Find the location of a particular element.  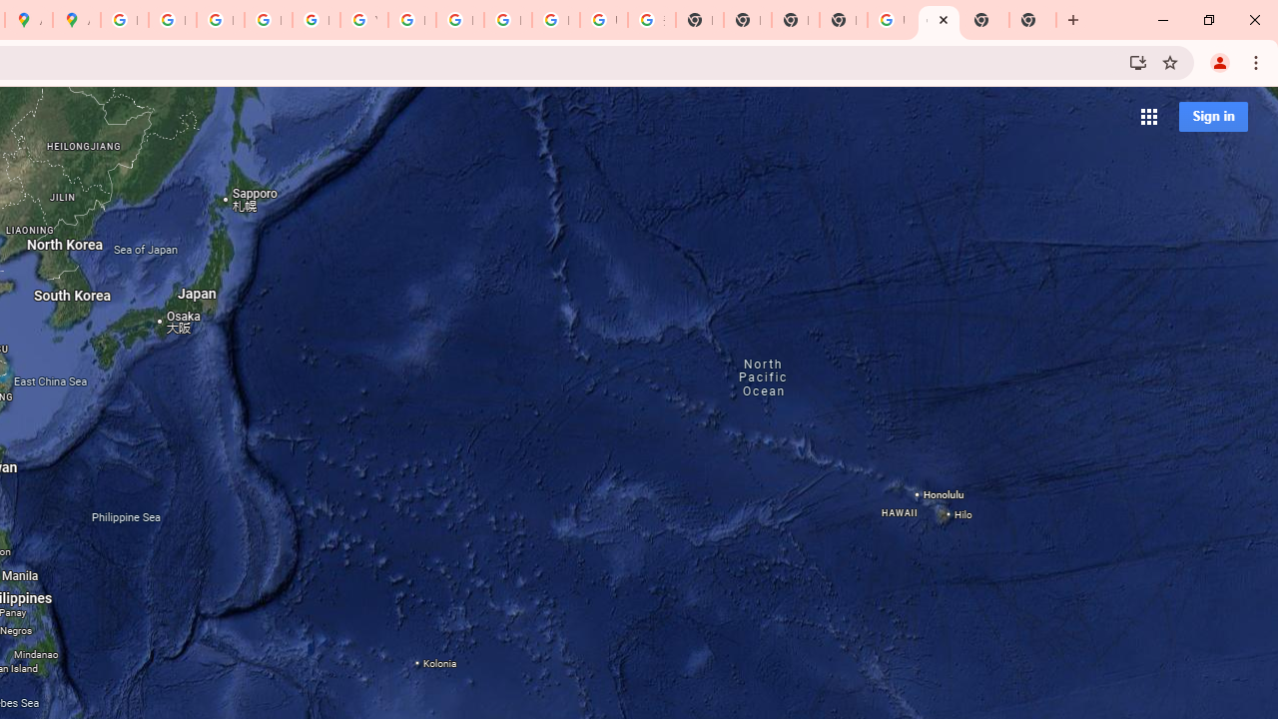

'New Tab' is located at coordinates (985, 20).